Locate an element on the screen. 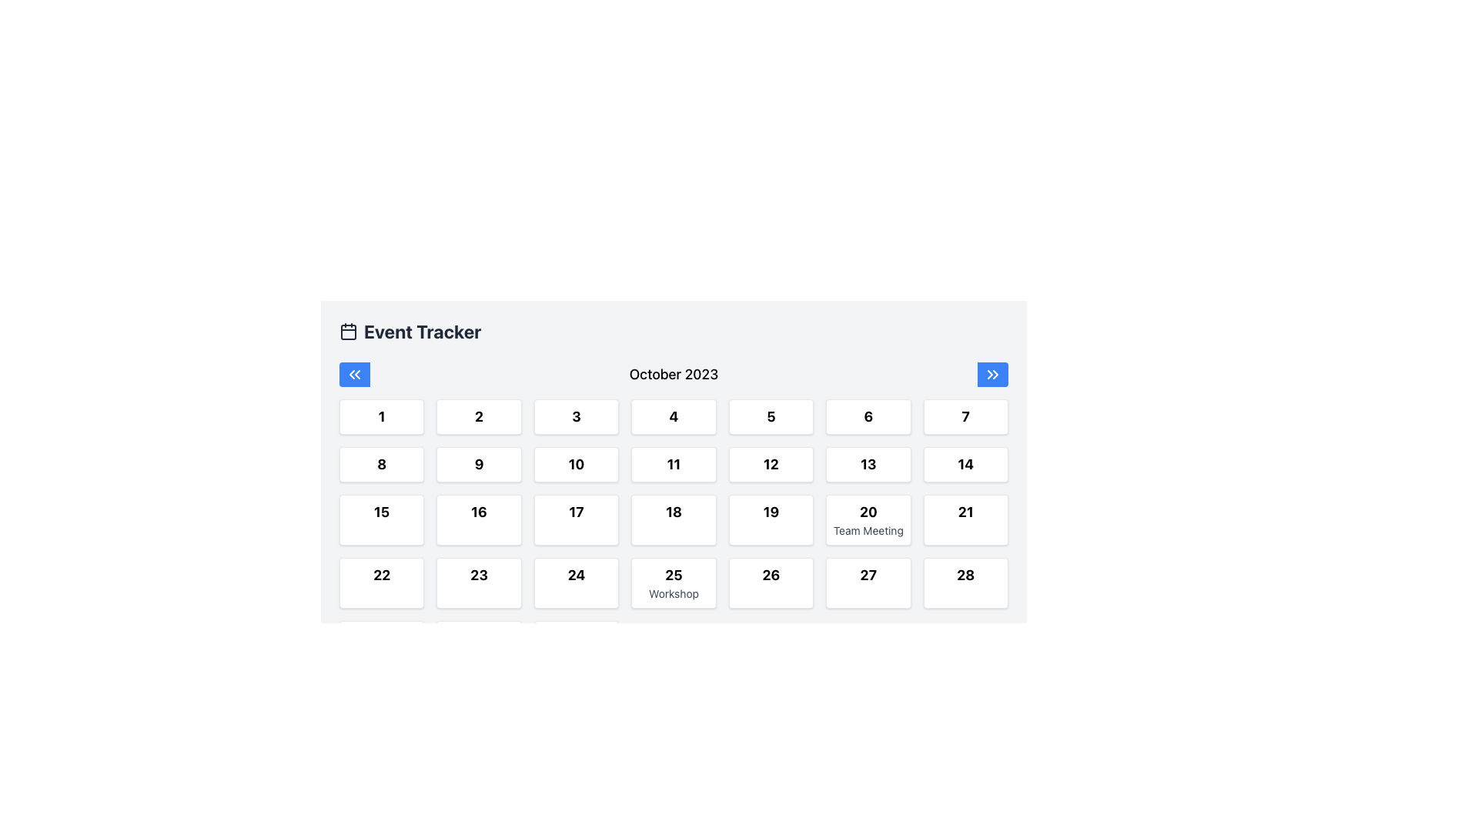 The width and height of the screenshot is (1478, 831). the leftward chevron icon element located at the top-left corner of the calendar interface, next to the title 'Event Tracker', for keyboard interaction is located at coordinates (351, 374).